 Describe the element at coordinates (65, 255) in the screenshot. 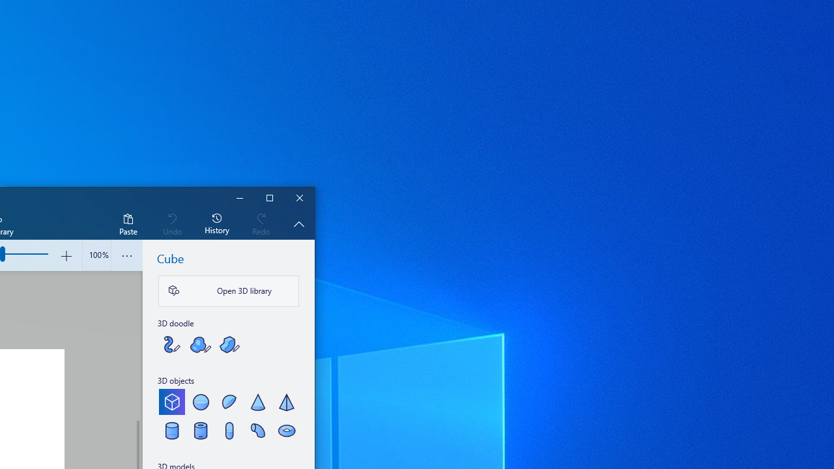

I see `'Zoom in'` at that location.